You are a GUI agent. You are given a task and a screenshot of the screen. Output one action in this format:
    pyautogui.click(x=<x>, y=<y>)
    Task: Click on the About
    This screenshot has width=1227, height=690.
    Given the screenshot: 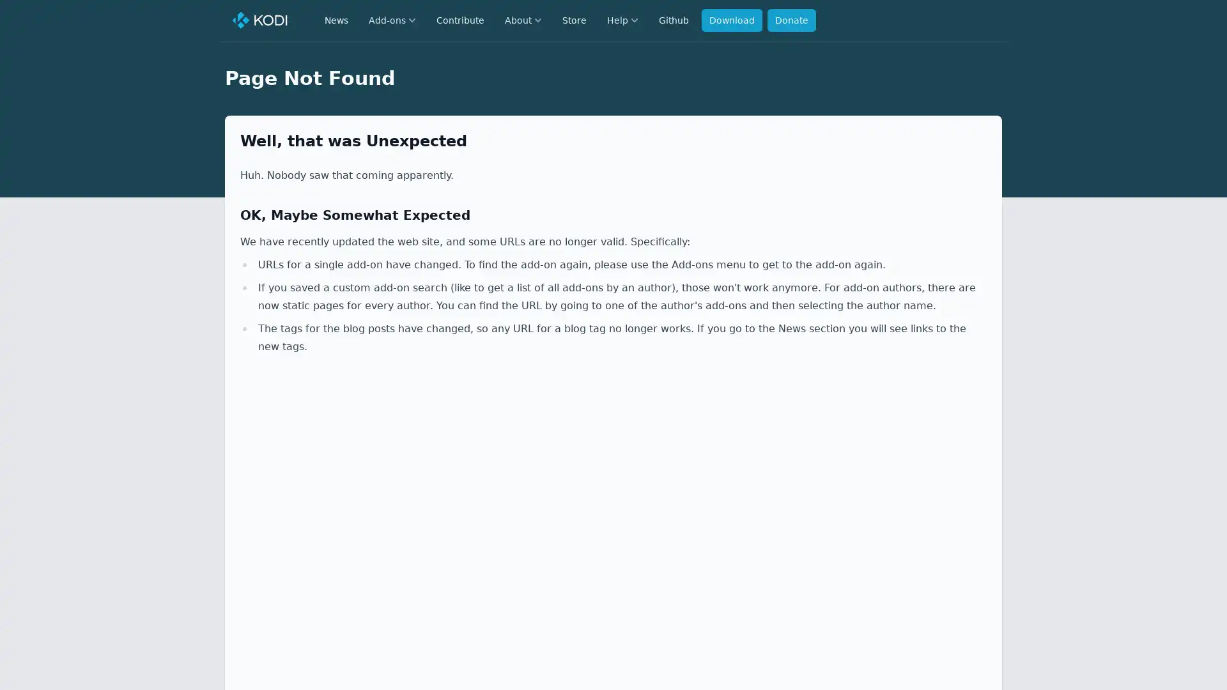 What is the action you would take?
    pyautogui.click(x=523, y=20)
    